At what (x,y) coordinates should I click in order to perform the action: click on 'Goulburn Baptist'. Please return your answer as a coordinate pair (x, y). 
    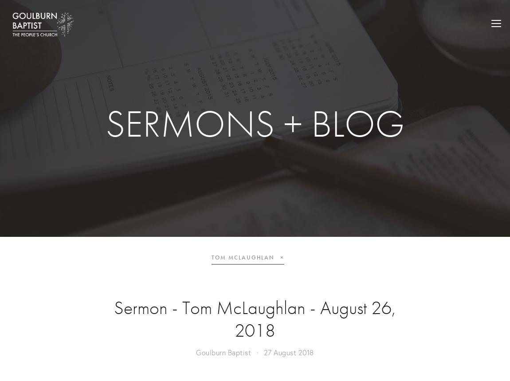
    Looking at the image, I should click on (224, 352).